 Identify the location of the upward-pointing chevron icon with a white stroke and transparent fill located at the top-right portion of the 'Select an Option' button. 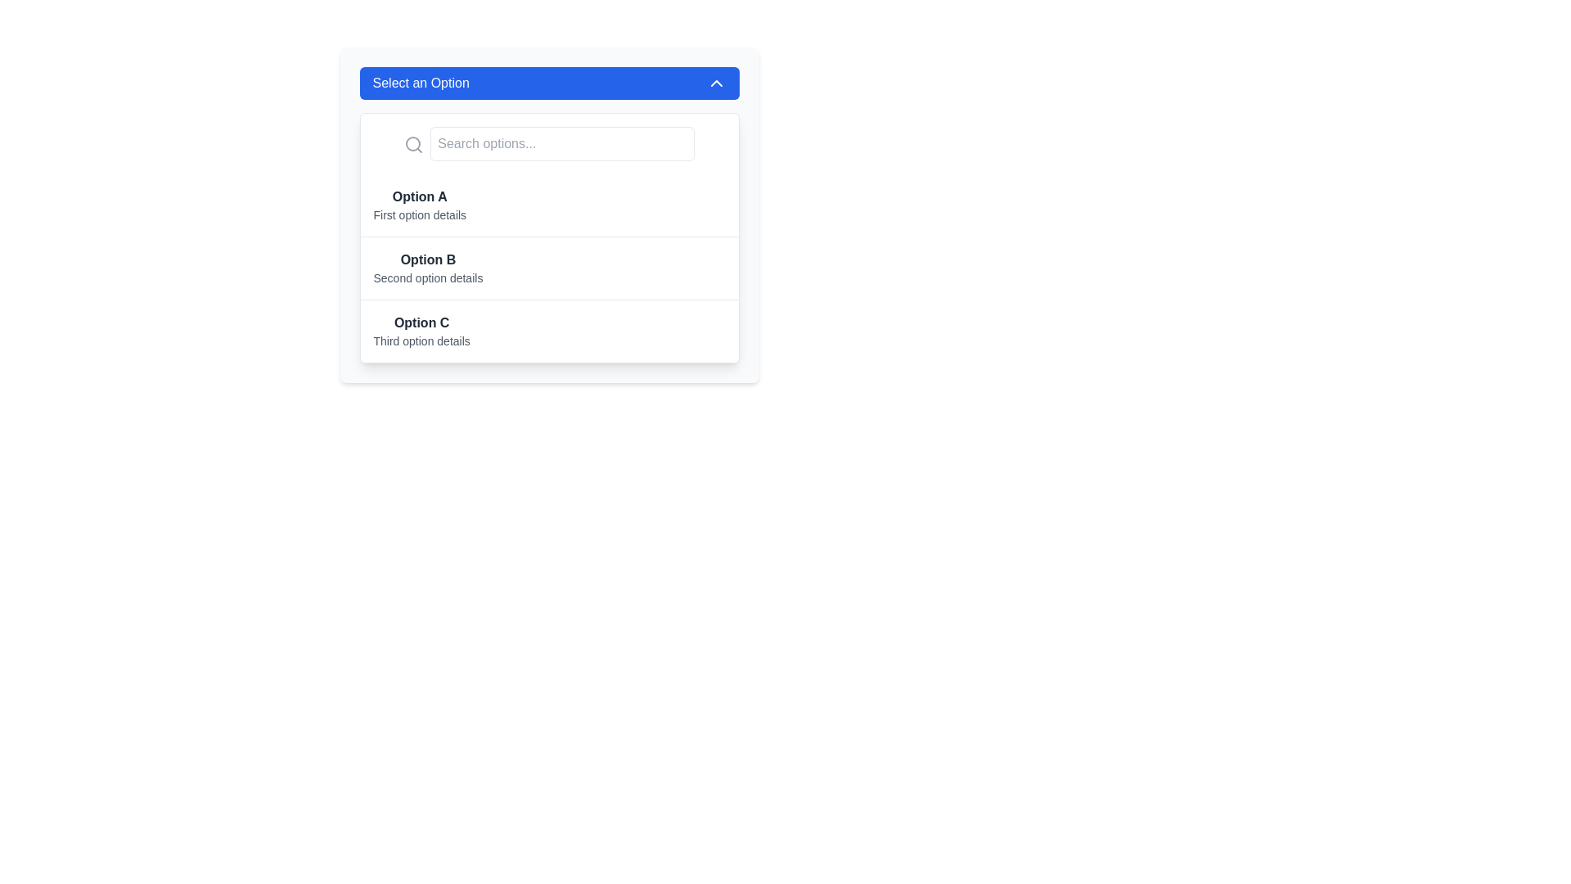
(716, 83).